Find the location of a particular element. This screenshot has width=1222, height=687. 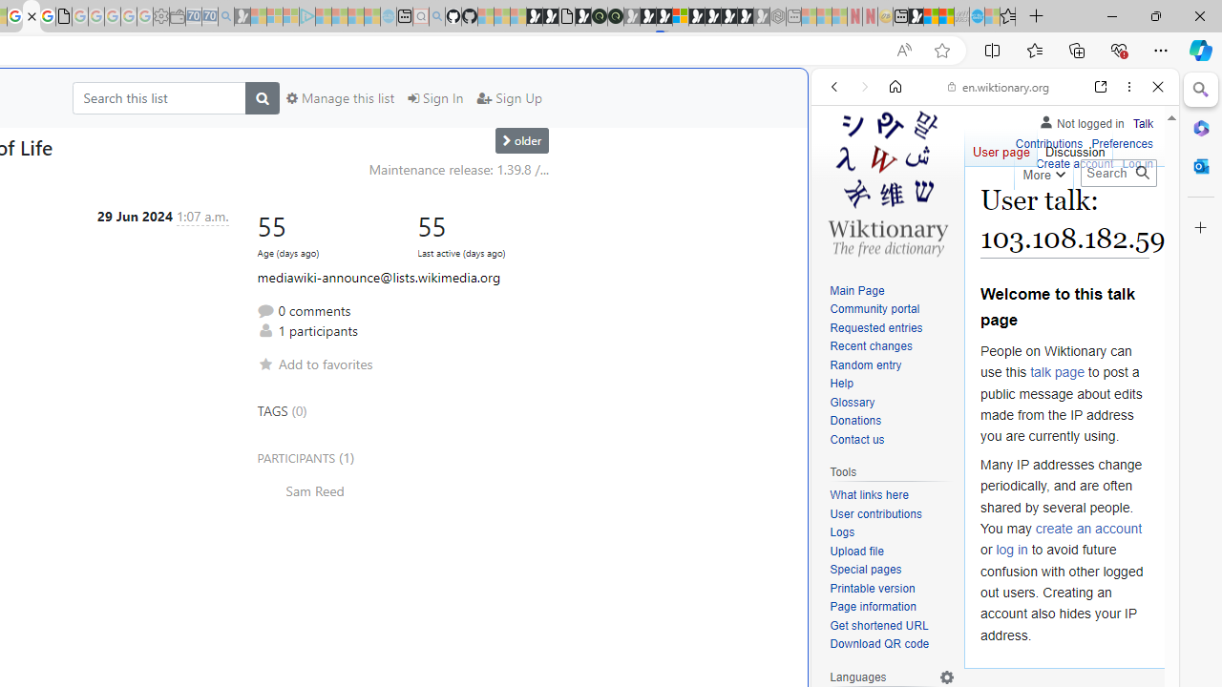

'en.wiktionary.org' is located at coordinates (998, 87).